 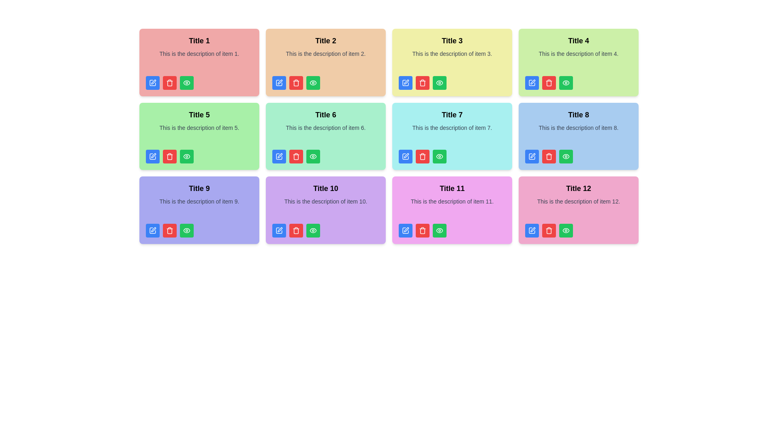 I want to click on the trash can icon button located between the blue pencil icon and the green eye icon, so click(x=422, y=157).